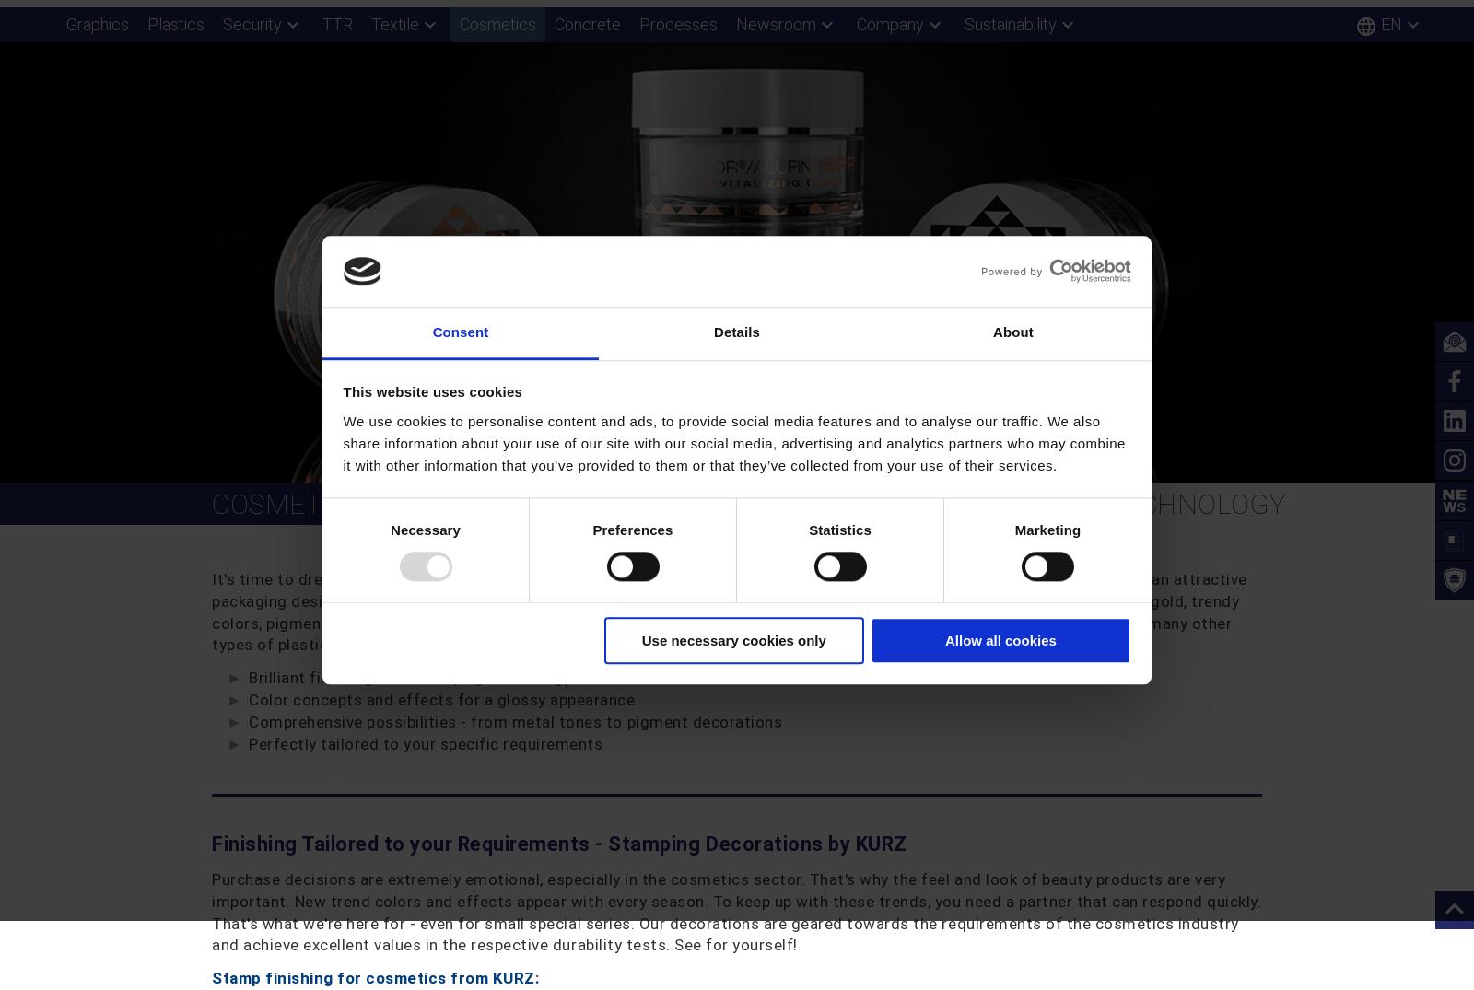 This screenshot has height=990, width=1474. What do you see at coordinates (1354, 553) in the screenshot?
I see `'!'` at bounding box center [1354, 553].